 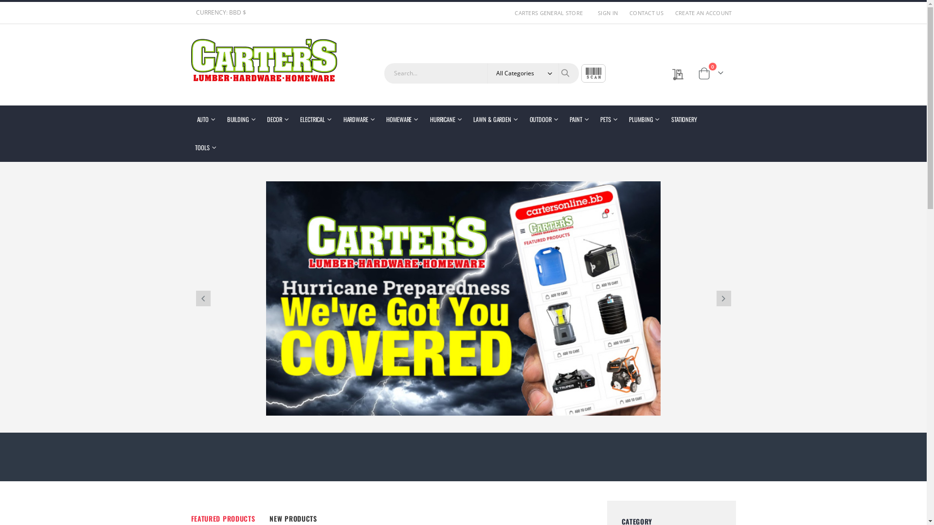 I want to click on 'PLUMBING', so click(x=644, y=119).